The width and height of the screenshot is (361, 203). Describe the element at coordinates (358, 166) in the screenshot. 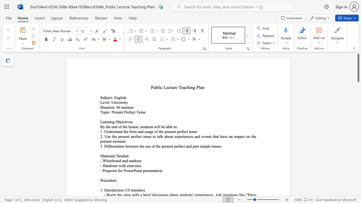

I see `the scrollbar to slide the page down` at that location.